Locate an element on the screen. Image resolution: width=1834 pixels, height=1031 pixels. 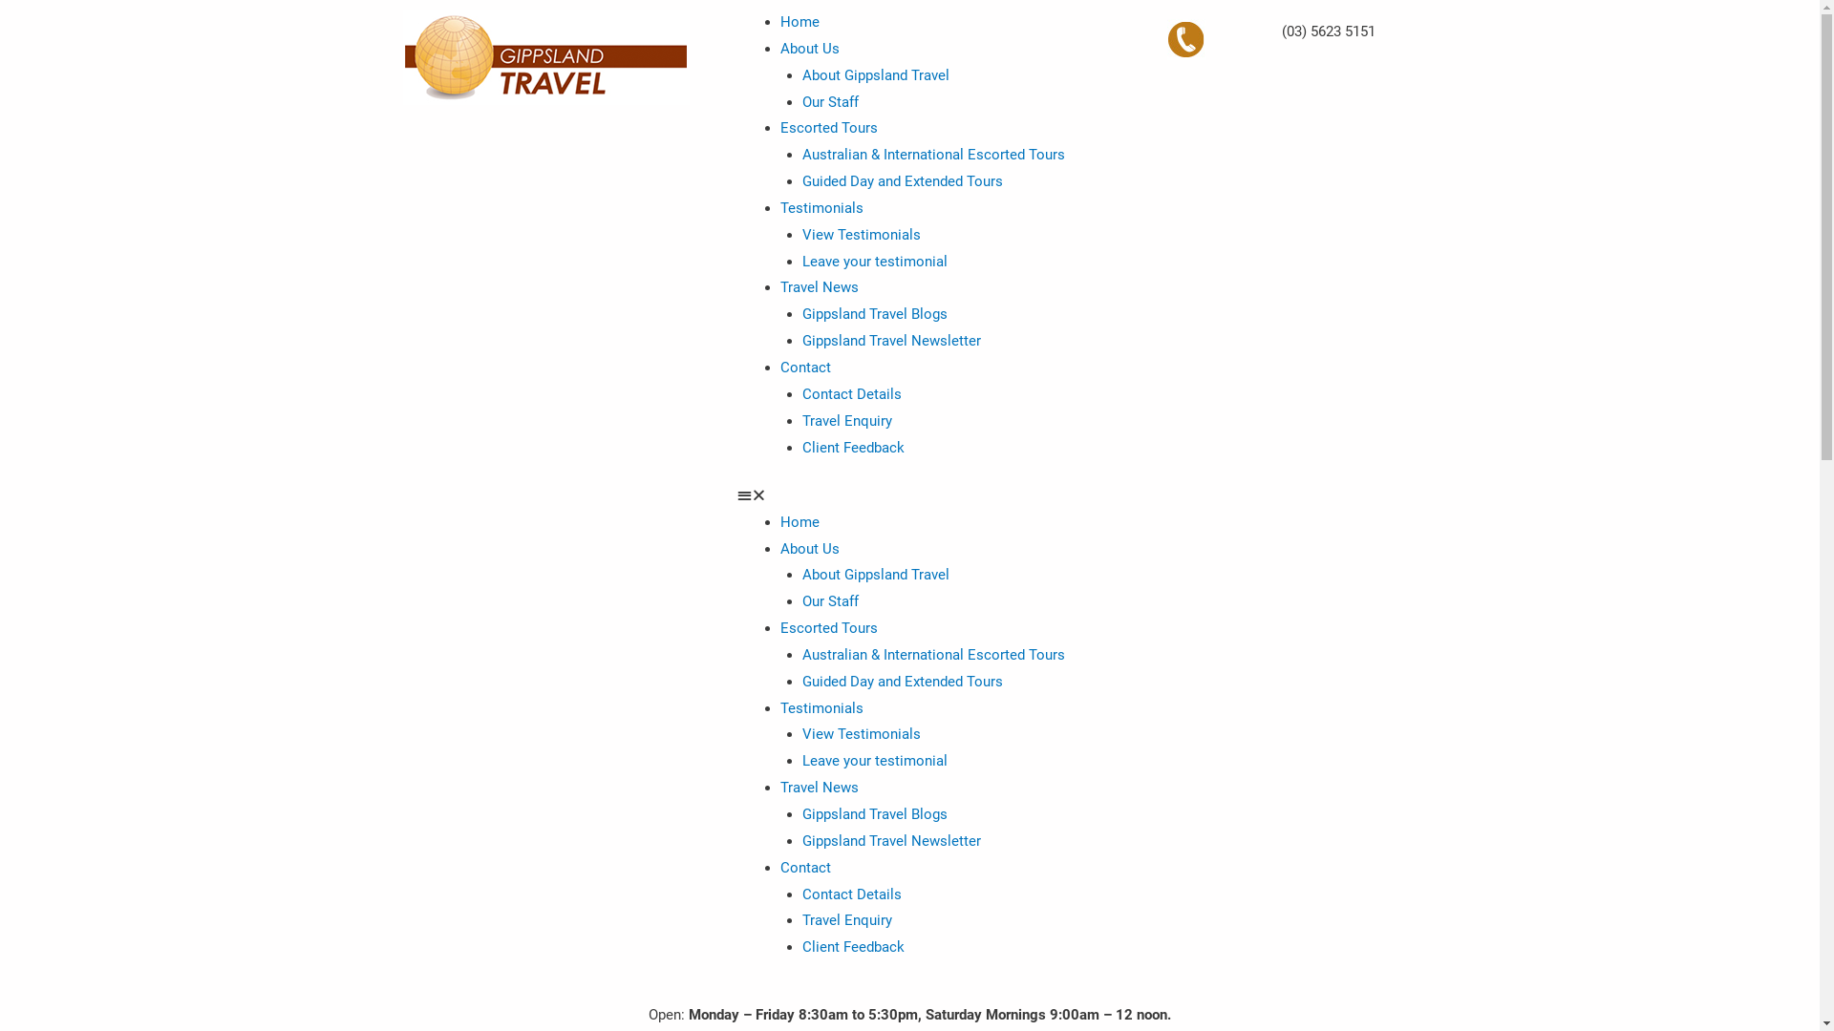
'Australian & International Escorted Tours' is located at coordinates (933, 154).